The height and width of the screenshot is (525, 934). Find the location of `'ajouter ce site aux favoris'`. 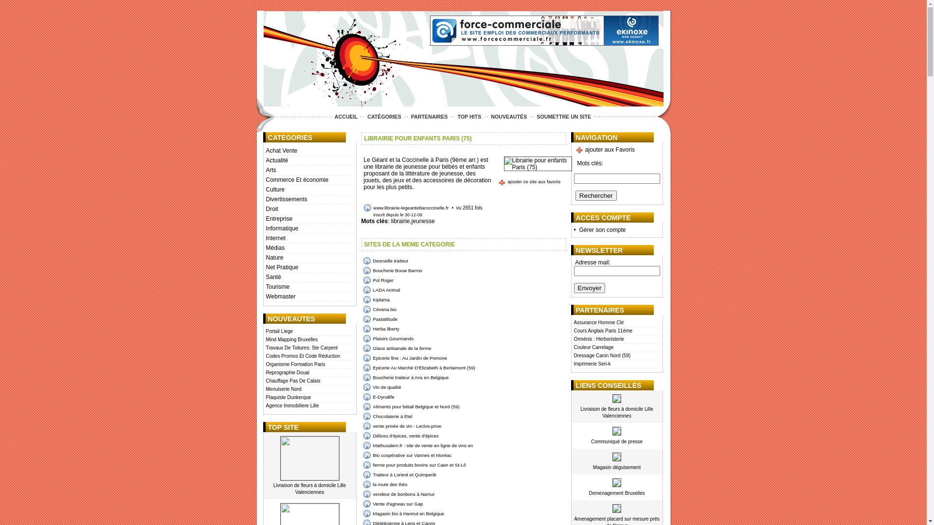

'ajouter ce site aux favoris' is located at coordinates (498, 182).